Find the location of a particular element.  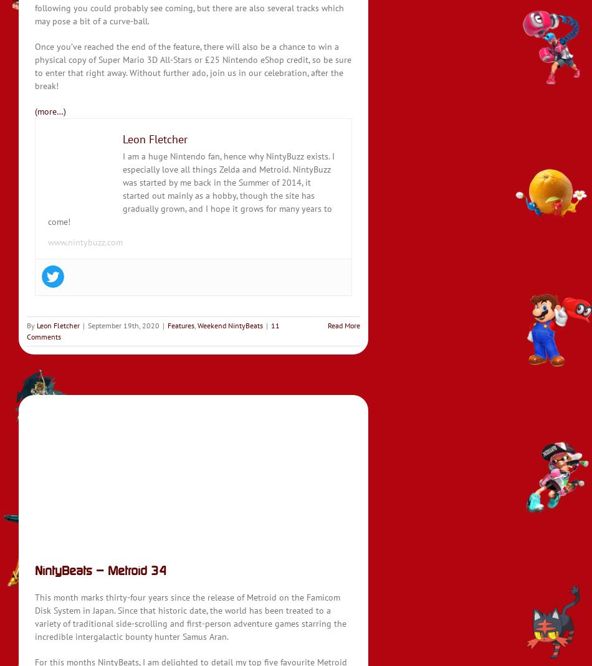

'September 19th, 2020' is located at coordinates (87, 325).